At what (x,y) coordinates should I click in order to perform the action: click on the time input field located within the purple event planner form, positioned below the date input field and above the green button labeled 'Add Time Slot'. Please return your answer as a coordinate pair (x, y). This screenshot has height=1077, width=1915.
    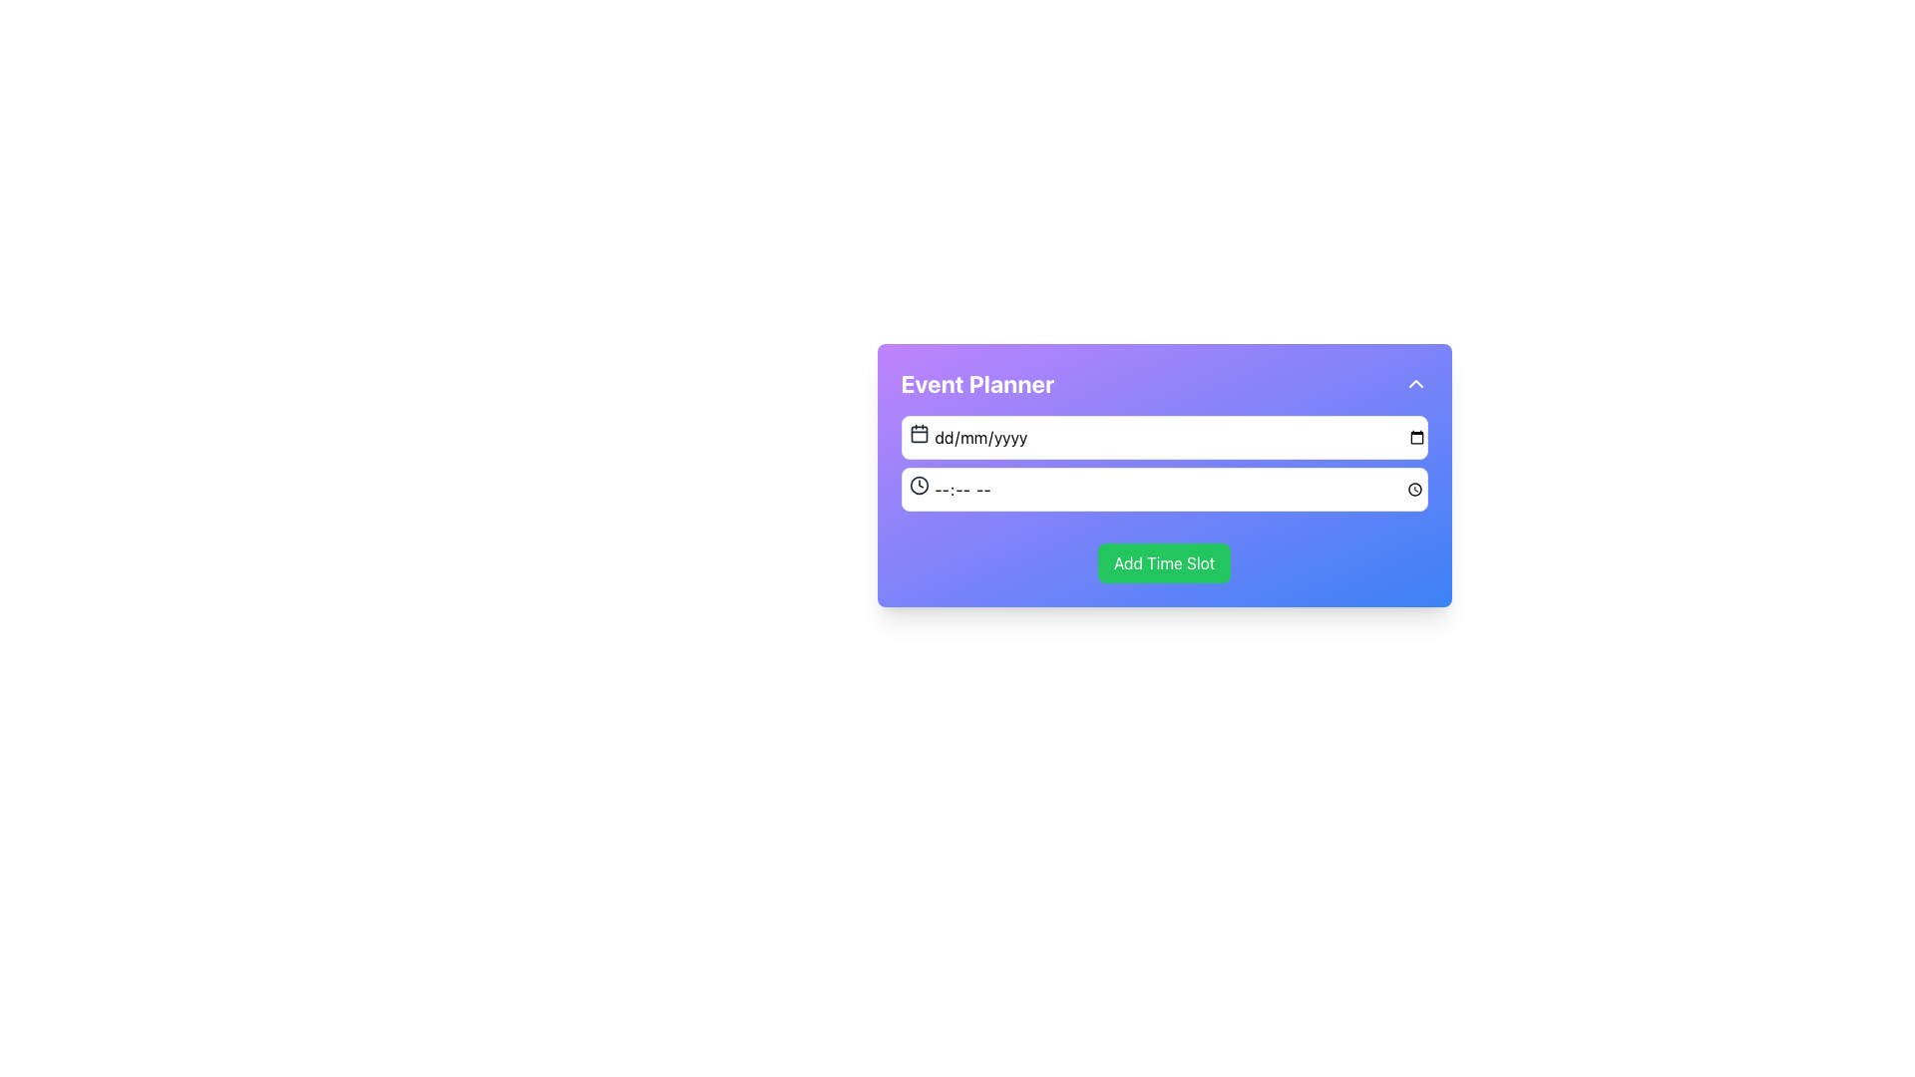
    Looking at the image, I should click on (1164, 489).